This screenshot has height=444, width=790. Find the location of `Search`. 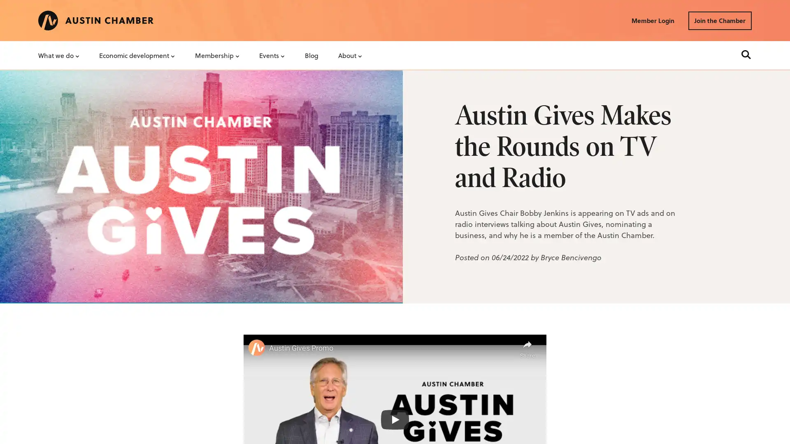

Search is located at coordinates (746, 55).